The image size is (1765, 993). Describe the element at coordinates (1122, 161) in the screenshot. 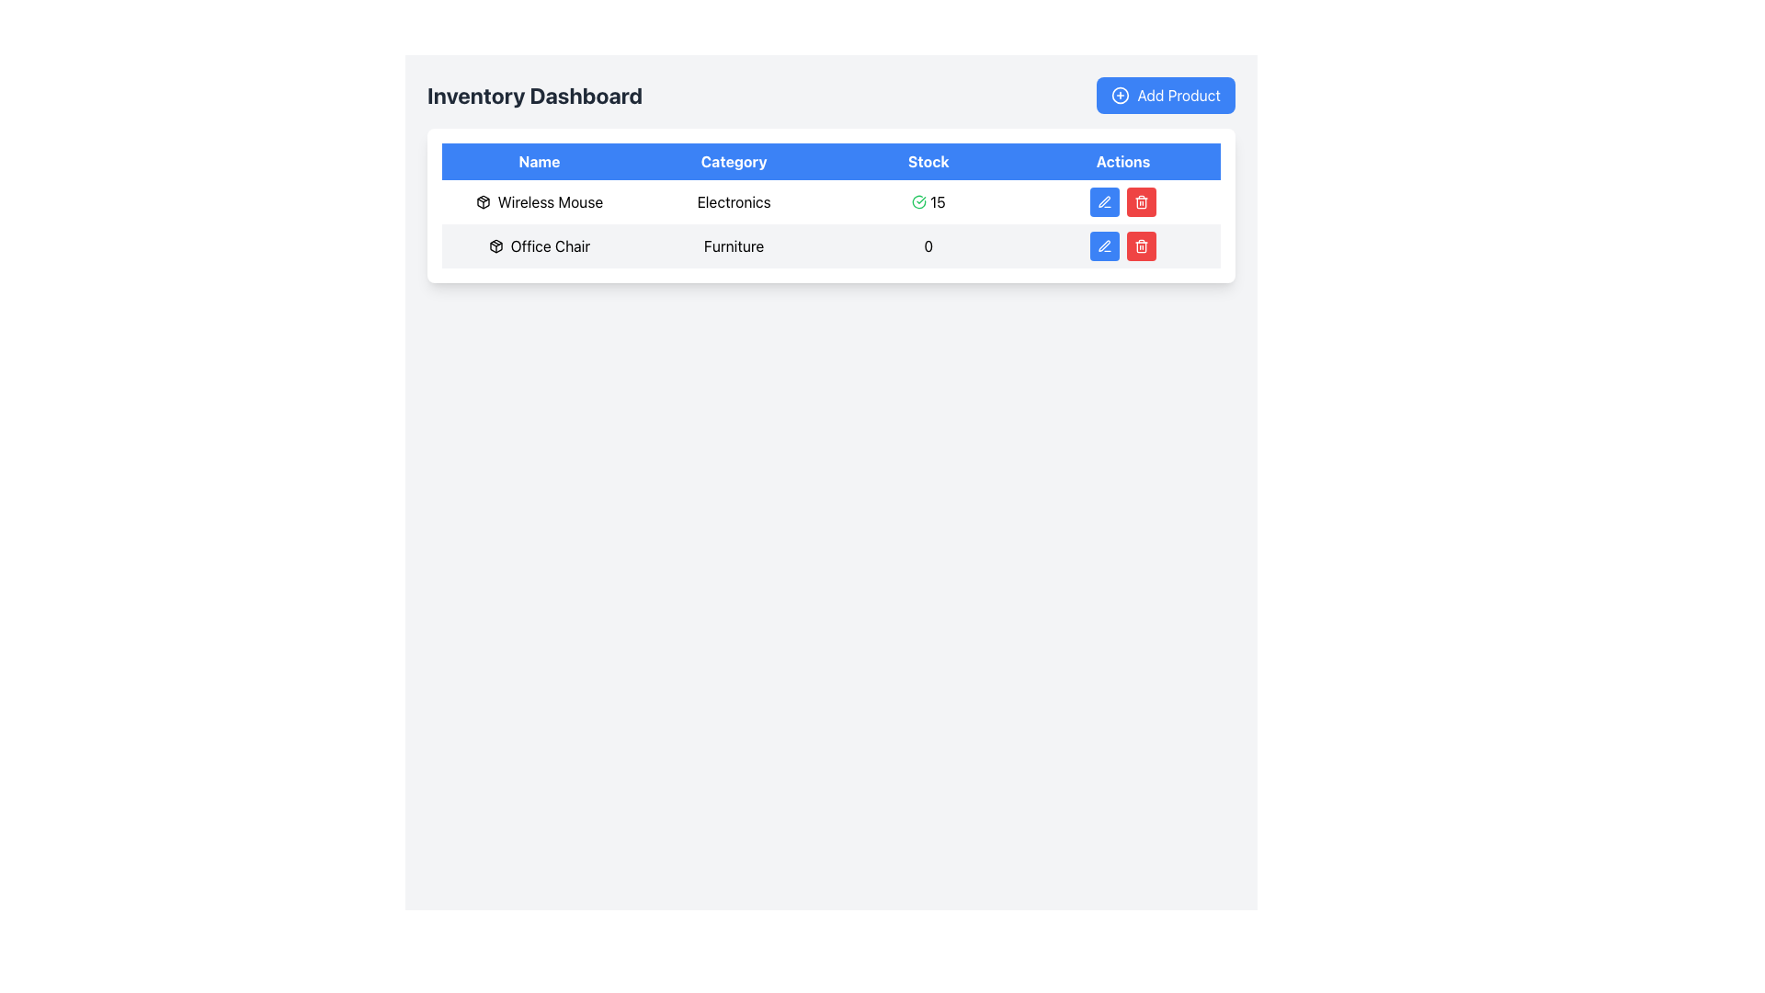

I see `the 'Actions' text label button, which is a rectangular component with a blue background and white text, located in the fourth column of the toolbar` at that location.